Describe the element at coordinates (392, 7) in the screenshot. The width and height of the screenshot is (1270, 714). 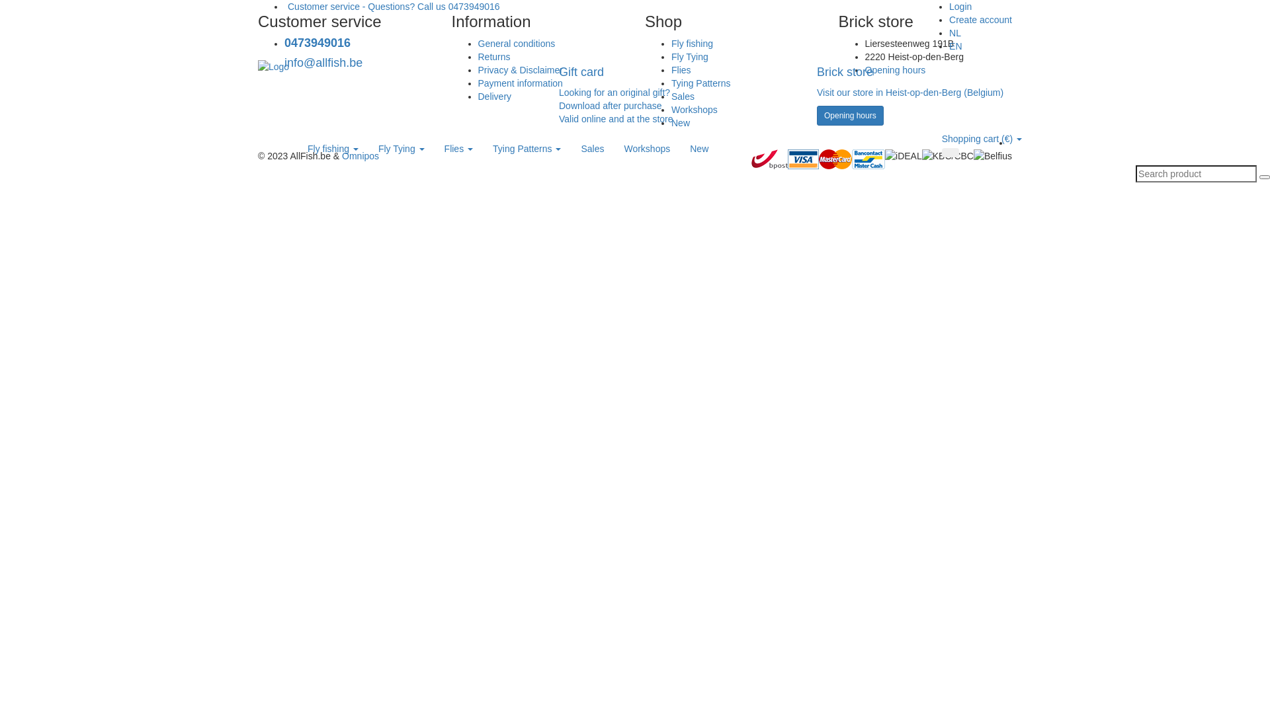
I see `'Customer service - Questions? Call us 0473949016'` at that location.